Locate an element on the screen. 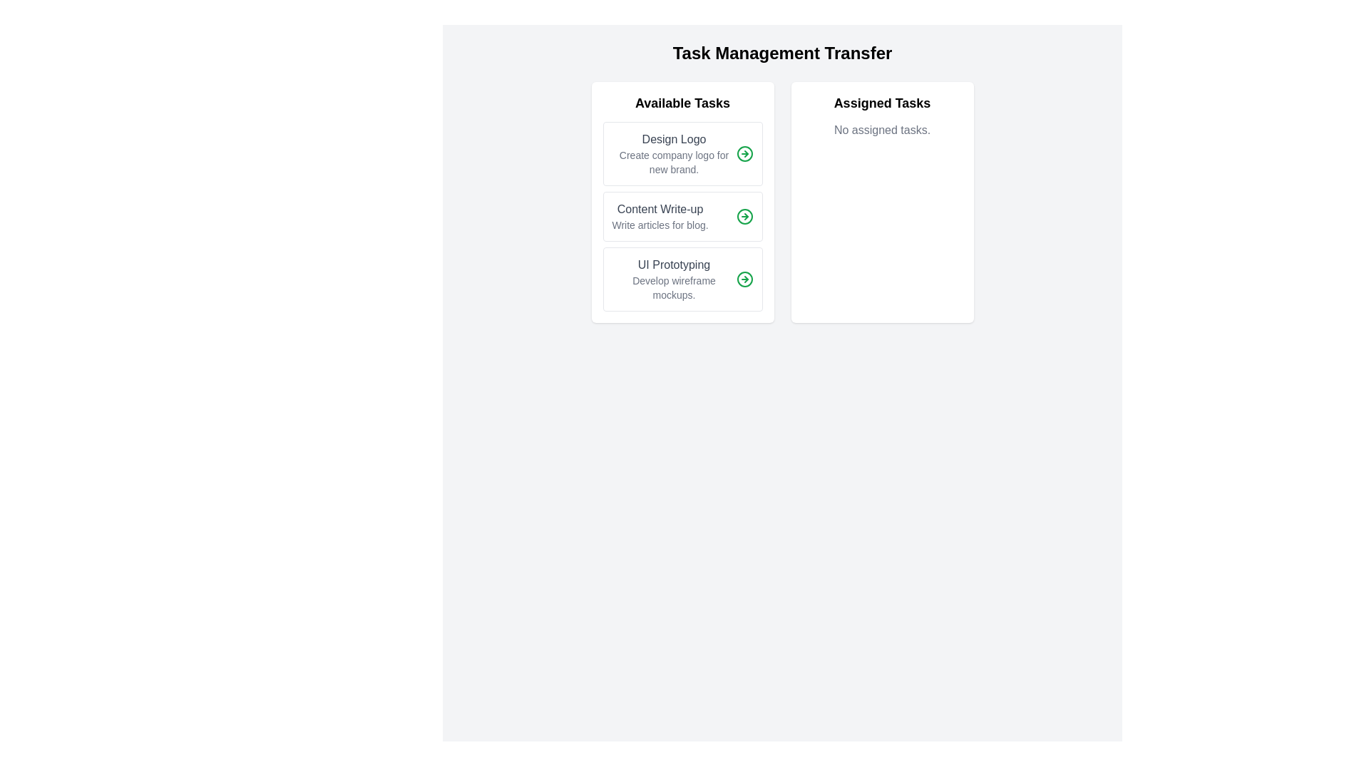  the 'UI Prototyping' text label, which is part of an information card in the 'Available Tasks' section, located in the third card below 'Content Write-up' and above 'Develop wireframe mockups.' is located at coordinates (673, 265).